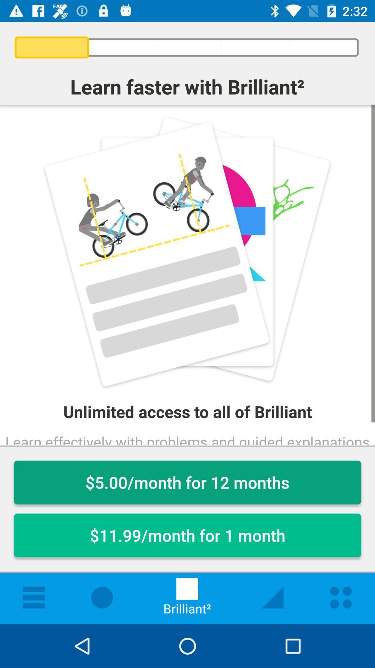  Describe the element at coordinates (272, 597) in the screenshot. I see `the icon beside brilliant 2` at that location.